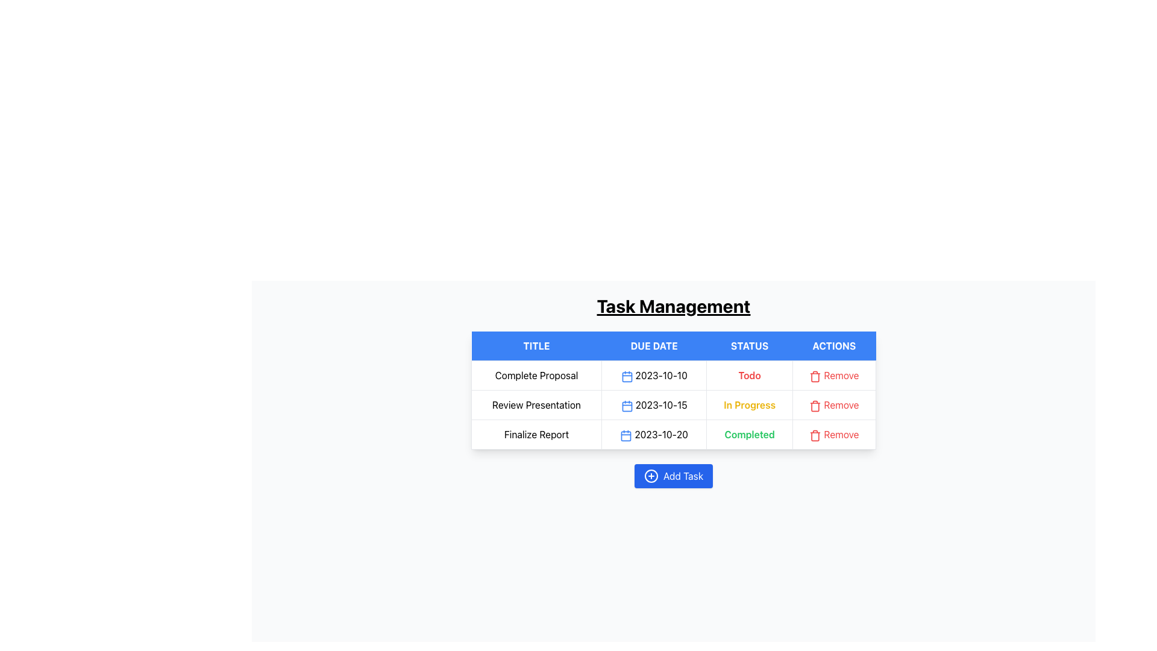 Image resolution: width=1157 pixels, height=651 pixels. I want to click on the text display element showing the due date '2023-10-20' with a blue calendar icon, located in the 'Due Date' column of the third row of the table, so click(653, 435).